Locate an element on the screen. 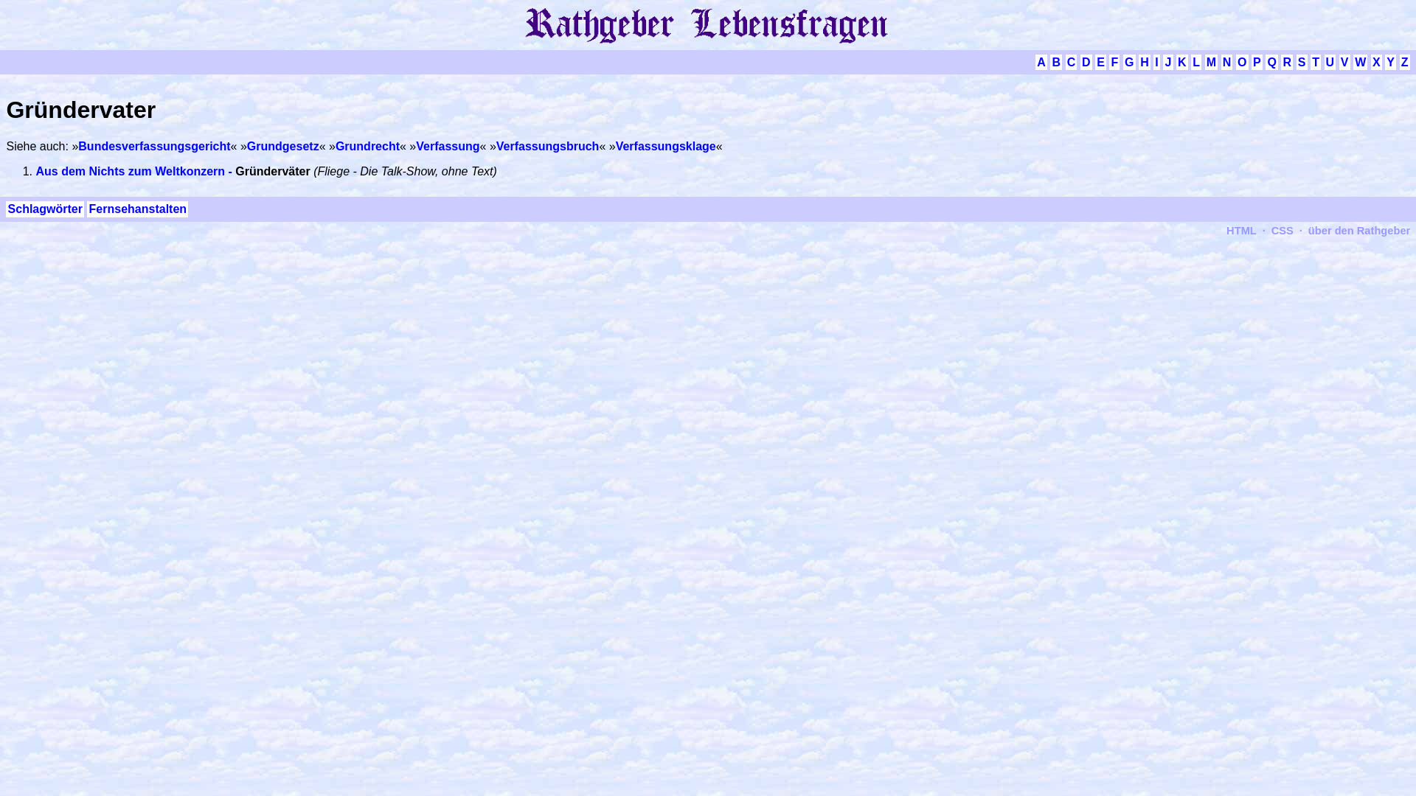 This screenshot has height=796, width=1416. 'Verfassungsbruch' is located at coordinates (547, 146).